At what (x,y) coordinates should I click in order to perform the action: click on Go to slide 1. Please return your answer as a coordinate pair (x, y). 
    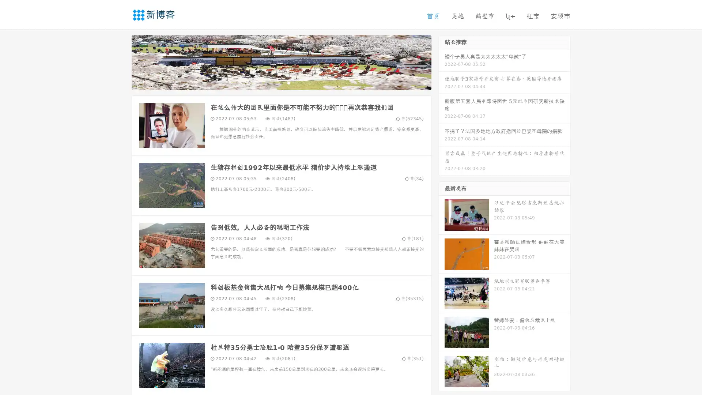
    Looking at the image, I should click on (273, 82).